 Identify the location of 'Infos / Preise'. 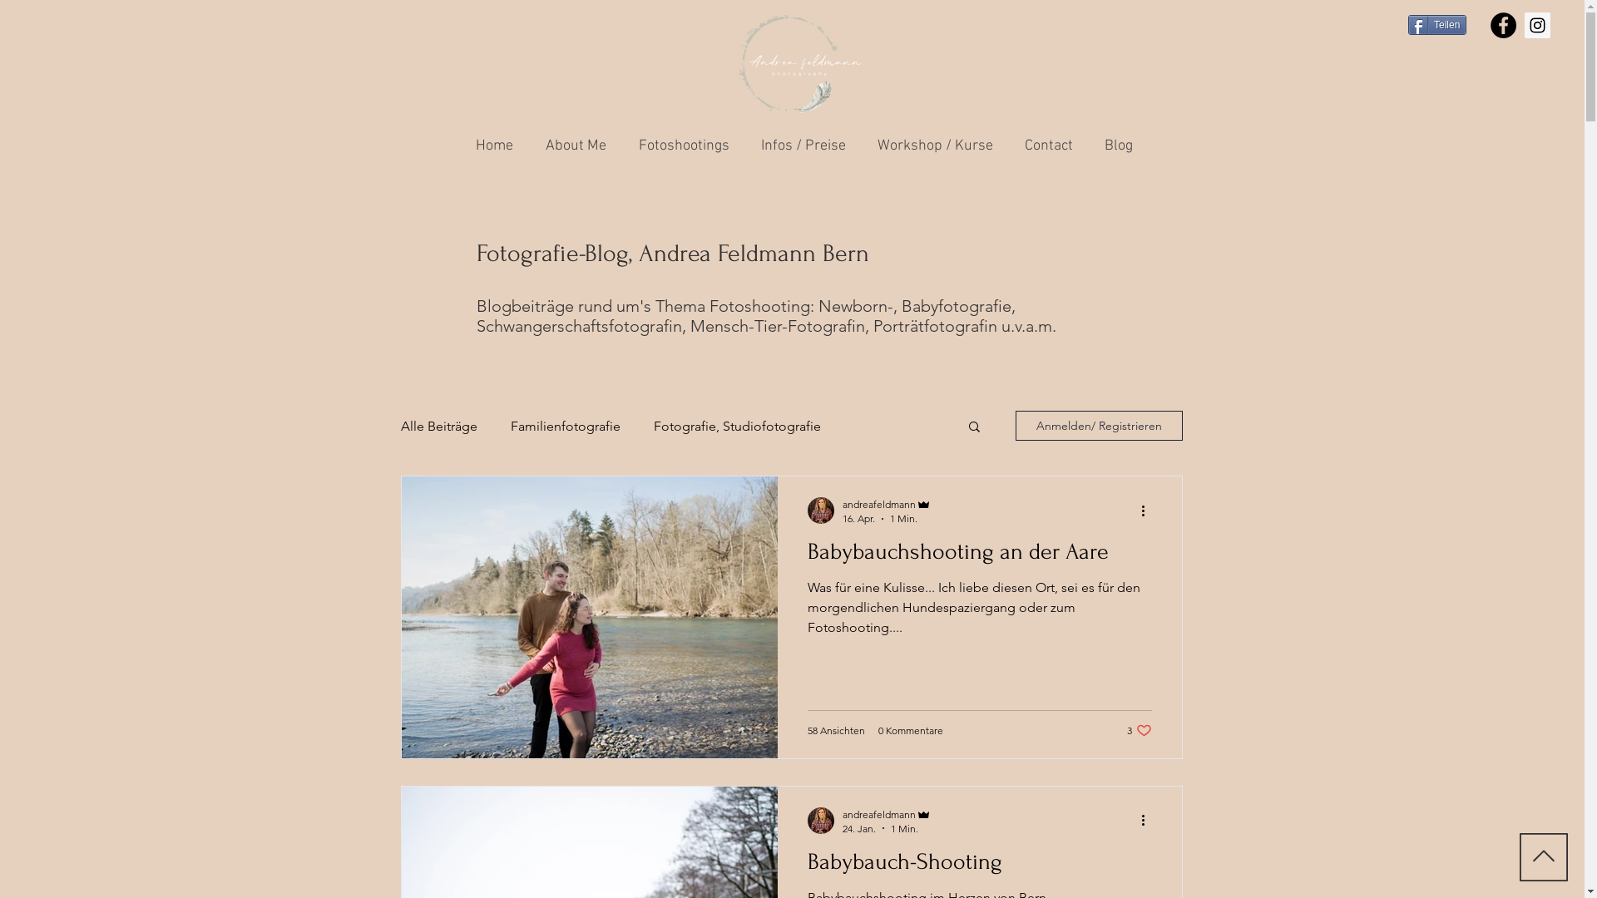
(799, 145).